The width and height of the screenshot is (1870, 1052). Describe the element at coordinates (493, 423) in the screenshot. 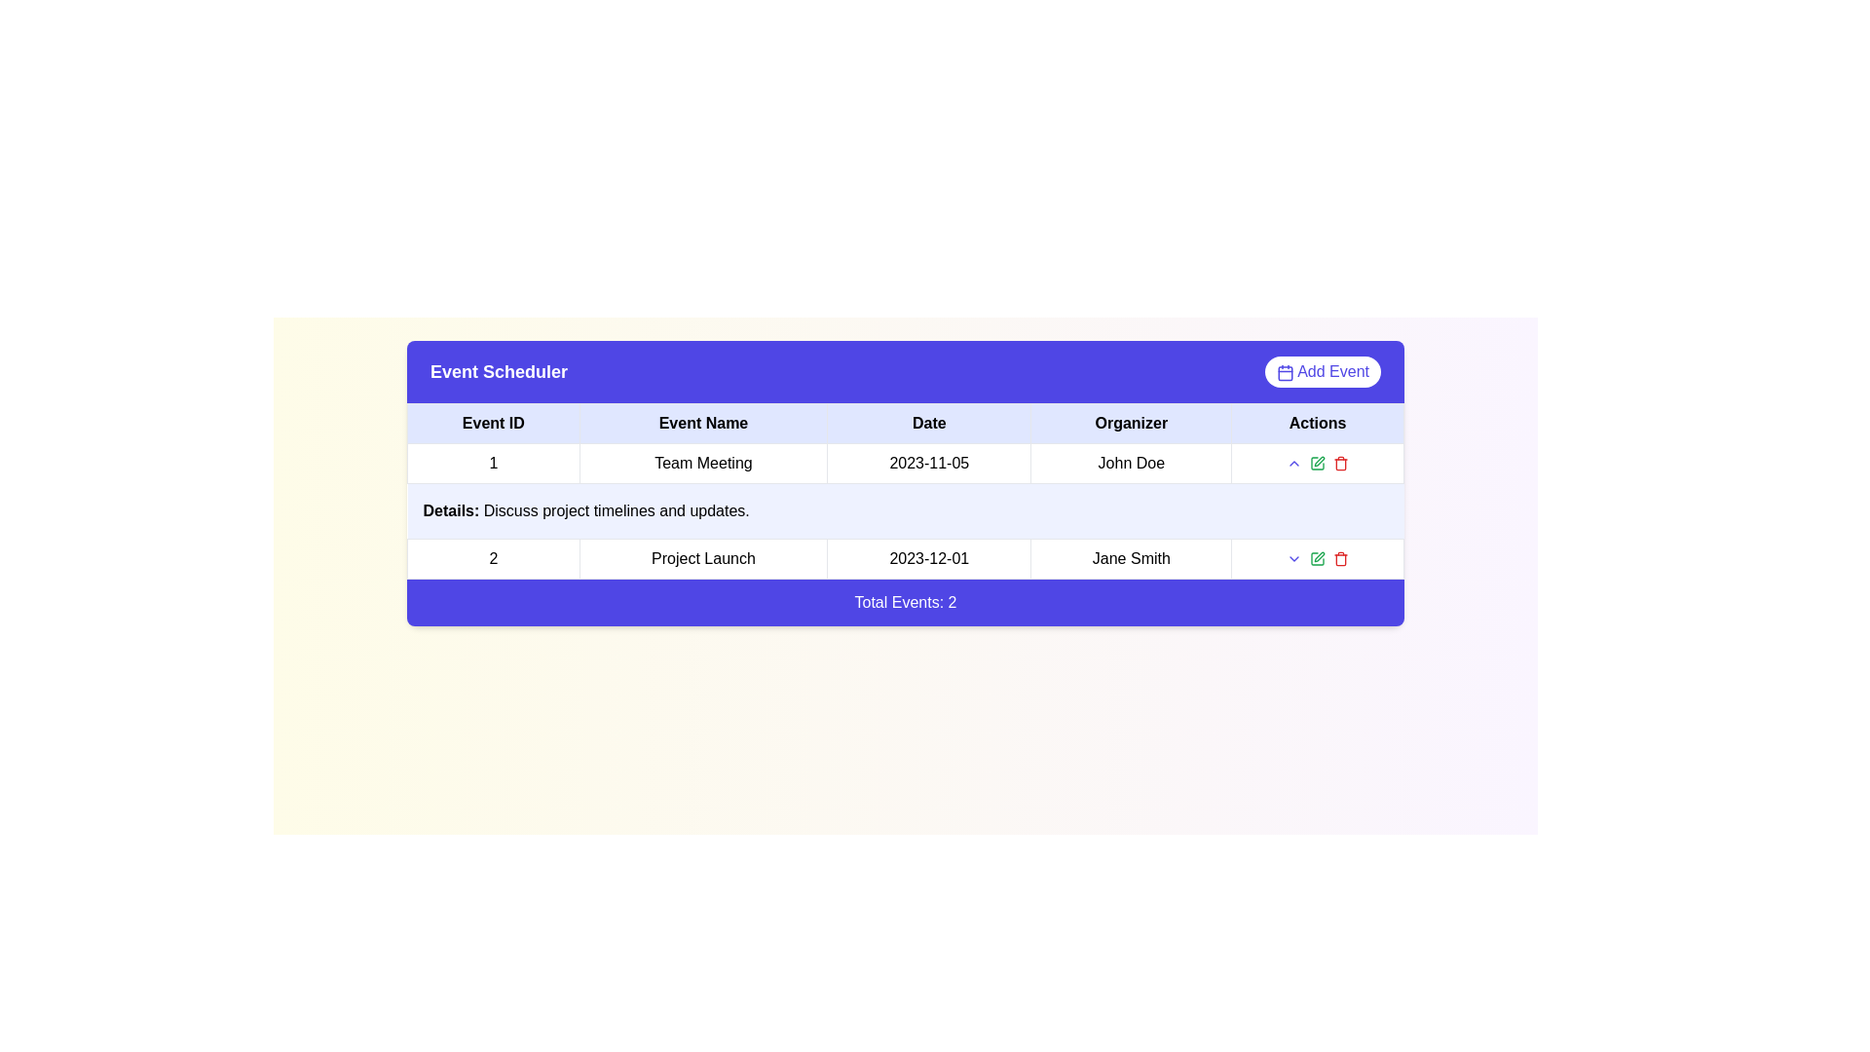

I see `the 'Event ID' column header in the table` at that location.